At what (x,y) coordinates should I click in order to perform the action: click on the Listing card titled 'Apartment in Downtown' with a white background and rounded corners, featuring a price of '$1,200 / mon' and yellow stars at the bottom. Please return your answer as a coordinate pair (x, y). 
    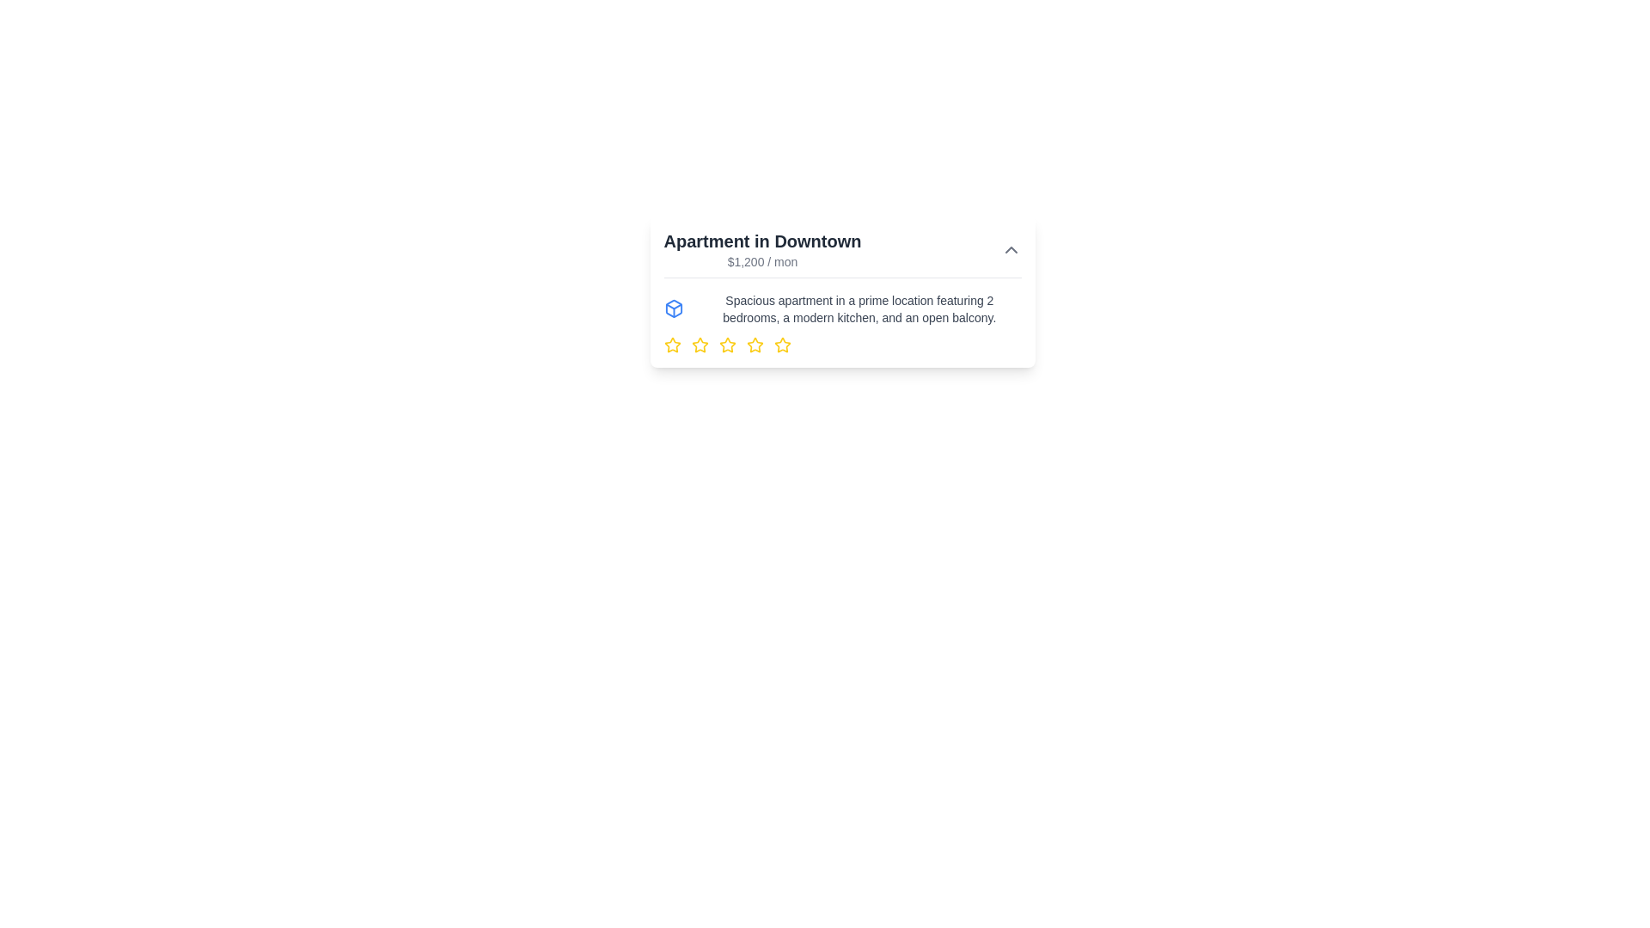
    Looking at the image, I should click on (842, 290).